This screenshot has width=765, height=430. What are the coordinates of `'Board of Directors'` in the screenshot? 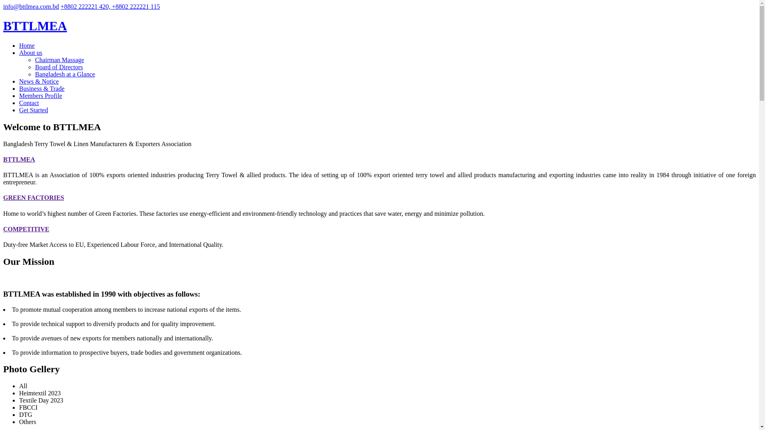 It's located at (59, 66).